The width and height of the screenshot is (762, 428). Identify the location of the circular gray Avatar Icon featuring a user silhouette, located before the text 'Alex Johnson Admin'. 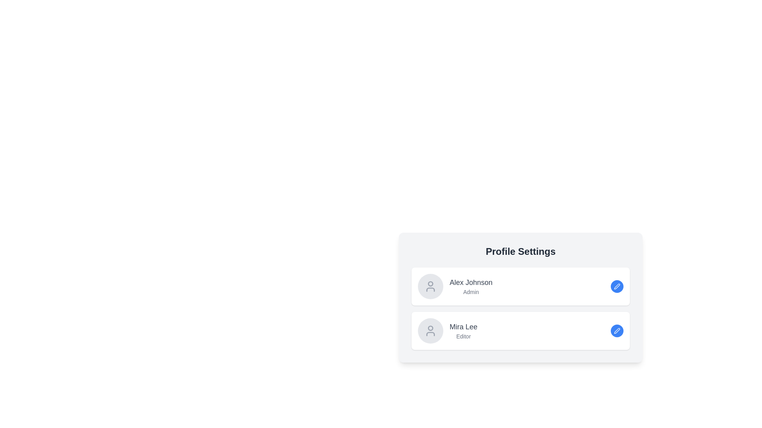
(430, 286).